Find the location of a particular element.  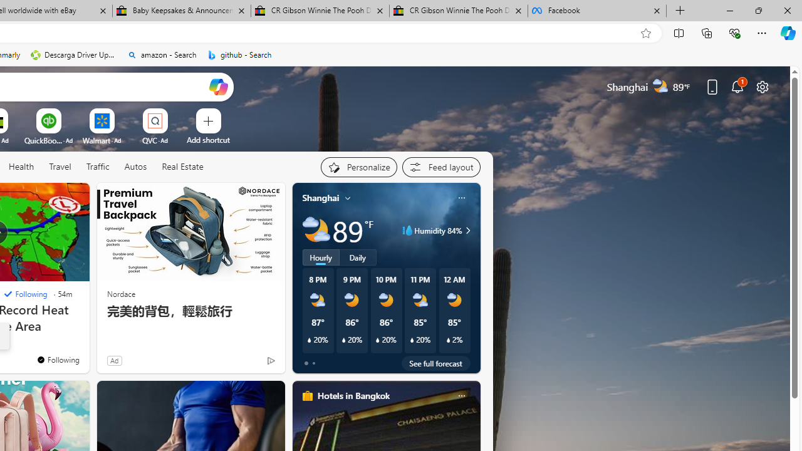

'You' is located at coordinates (57, 359).